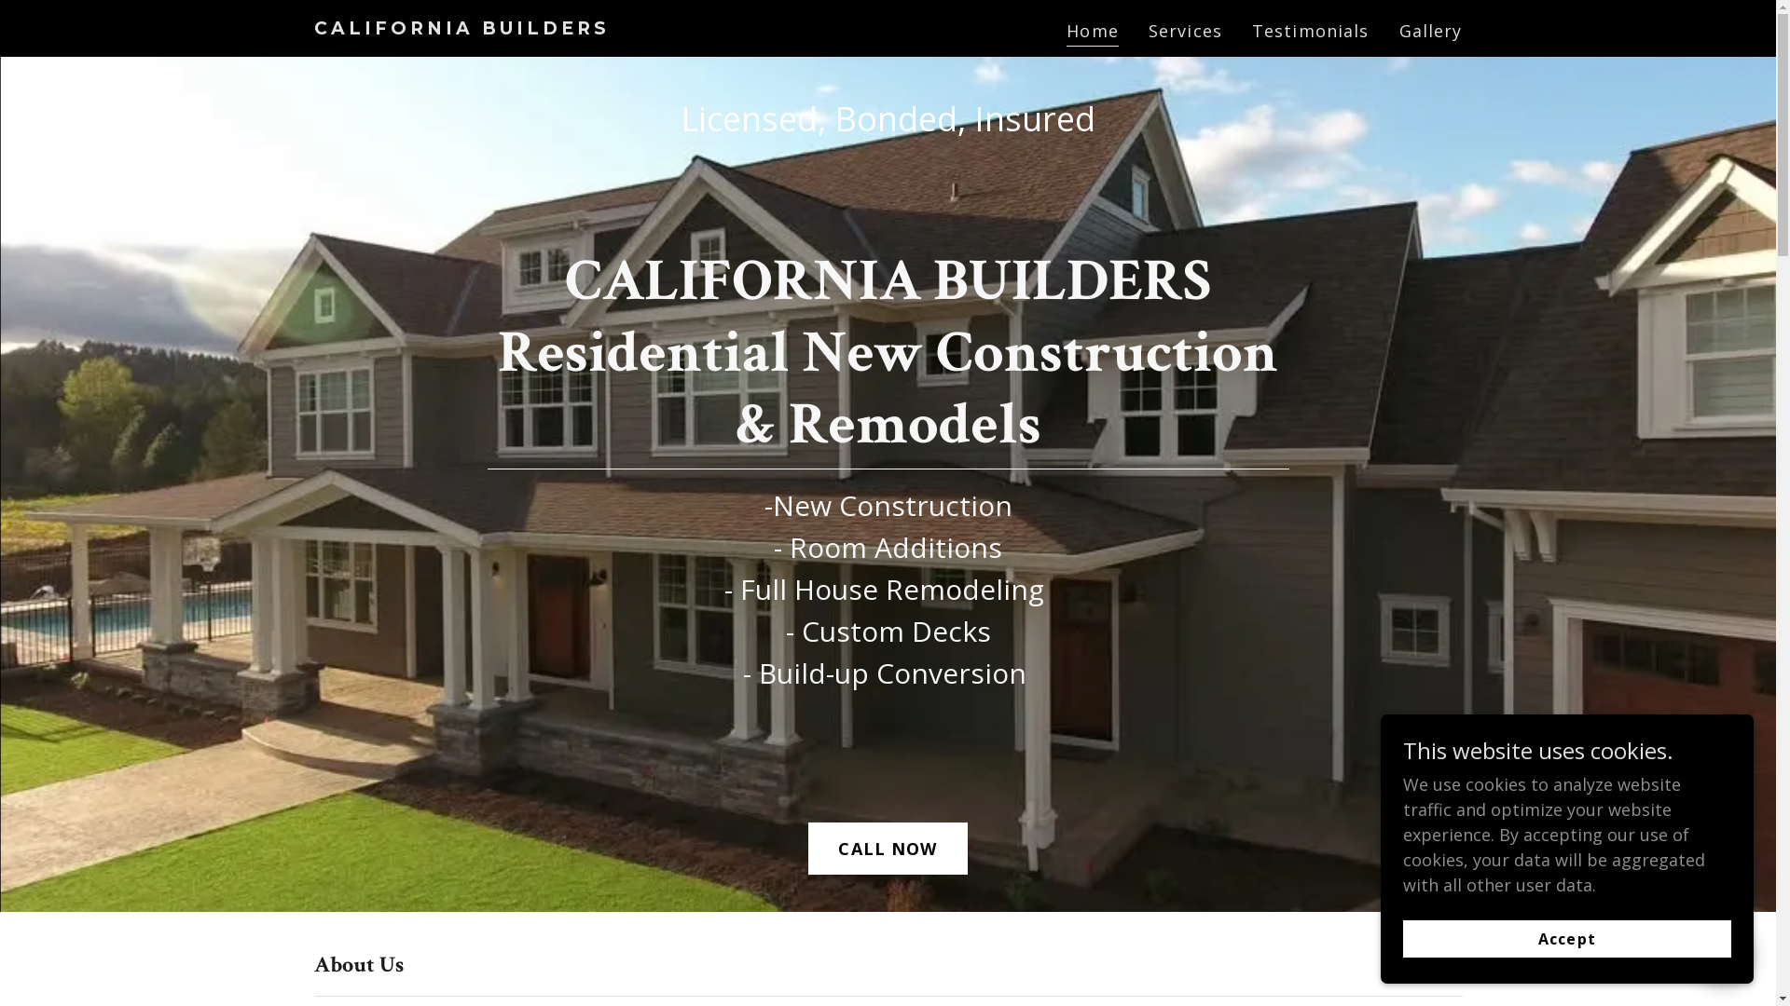  What do you see at coordinates (886, 848) in the screenshot?
I see `'CALL NOW'` at bounding box center [886, 848].